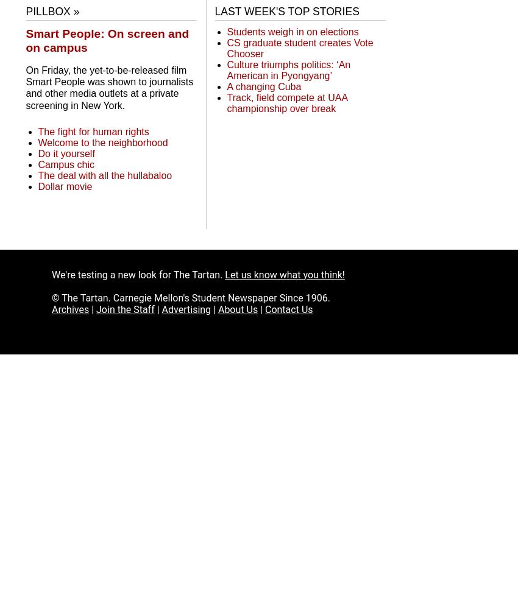 Image resolution: width=518 pixels, height=609 pixels. I want to click on 'Join the Staff', so click(124, 309).